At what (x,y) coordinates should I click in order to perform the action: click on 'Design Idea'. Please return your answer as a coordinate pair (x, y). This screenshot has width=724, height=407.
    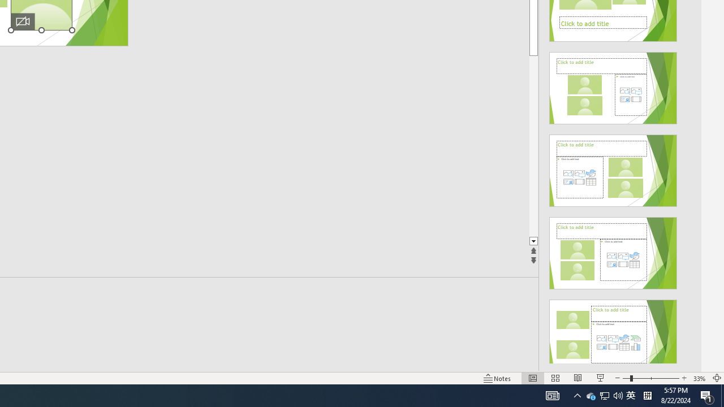
    Looking at the image, I should click on (613, 331).